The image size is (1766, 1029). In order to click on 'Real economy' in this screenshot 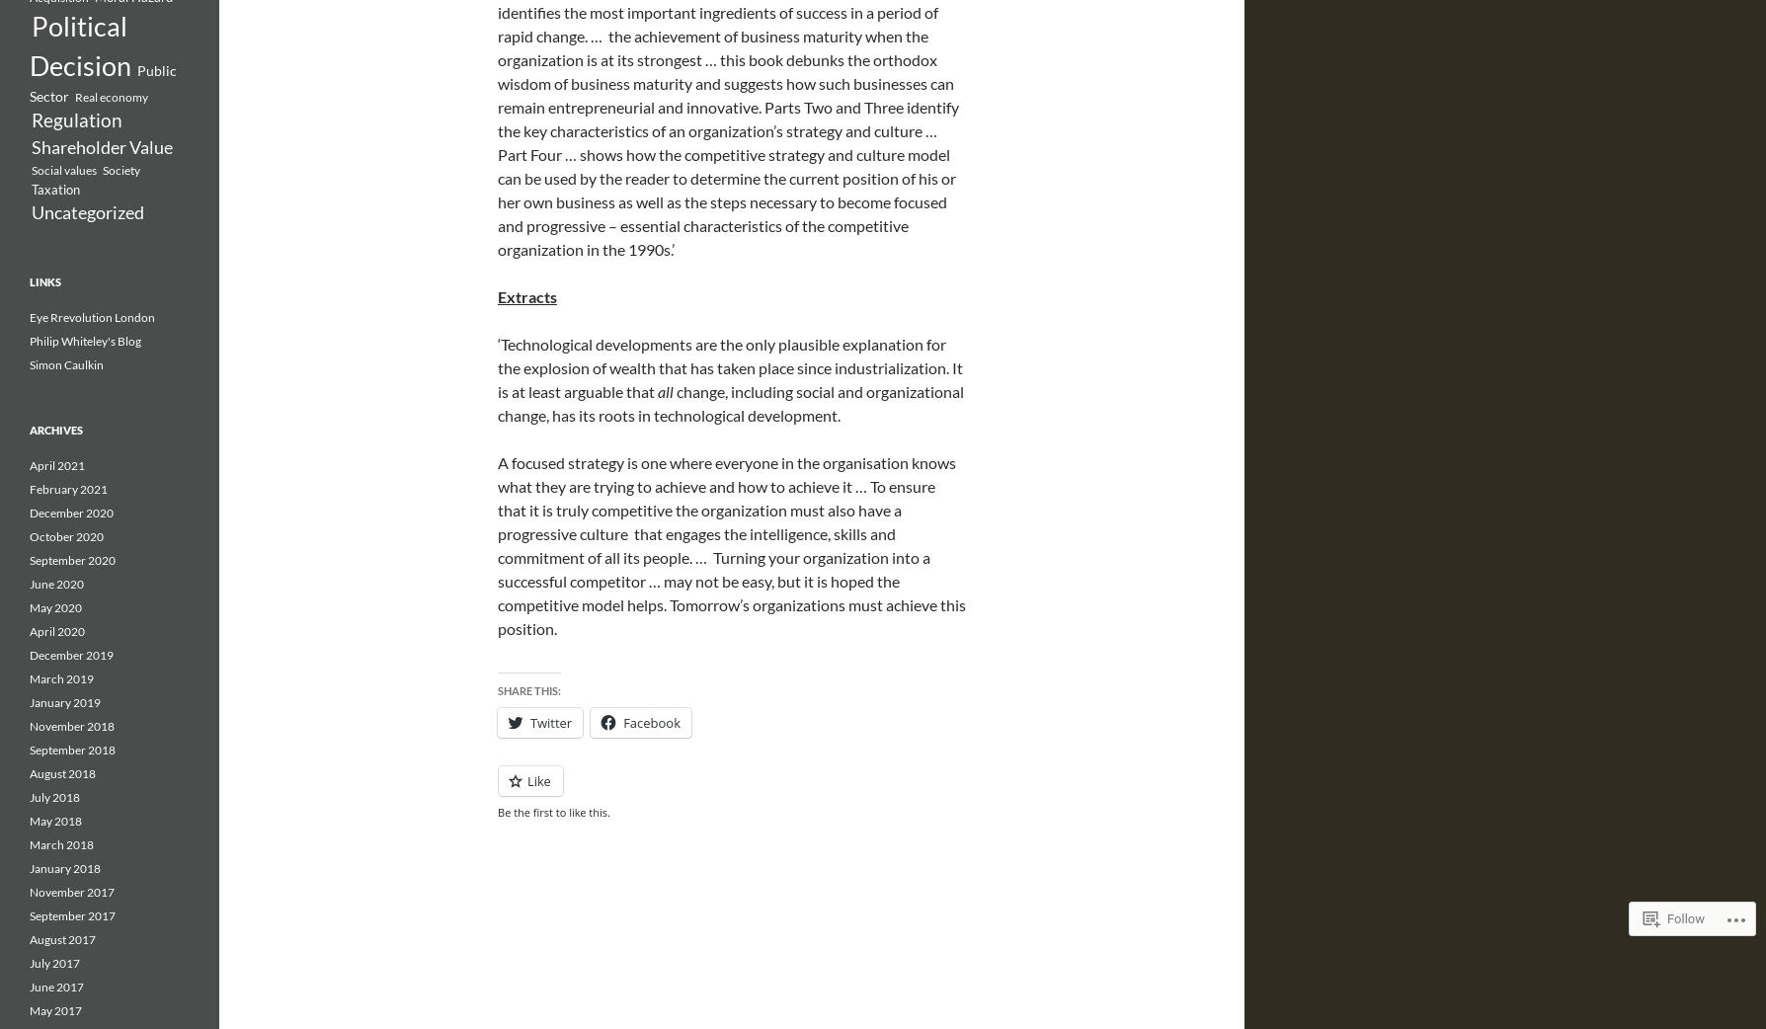, I will do `click(112, 96)`.